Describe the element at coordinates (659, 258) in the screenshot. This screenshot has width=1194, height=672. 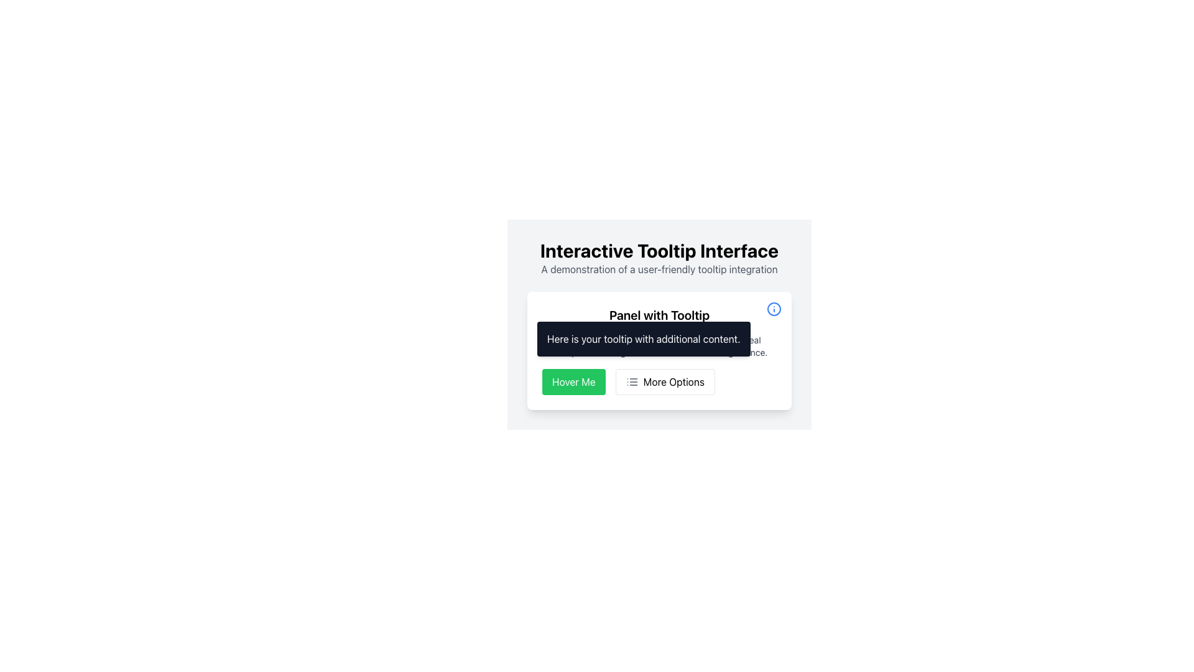
I see `text from the Text Block containing the header 'Interactive Tooltip Interface' and the subheading 'A demonstration of a user-friendly tooltip integration'` at that location.